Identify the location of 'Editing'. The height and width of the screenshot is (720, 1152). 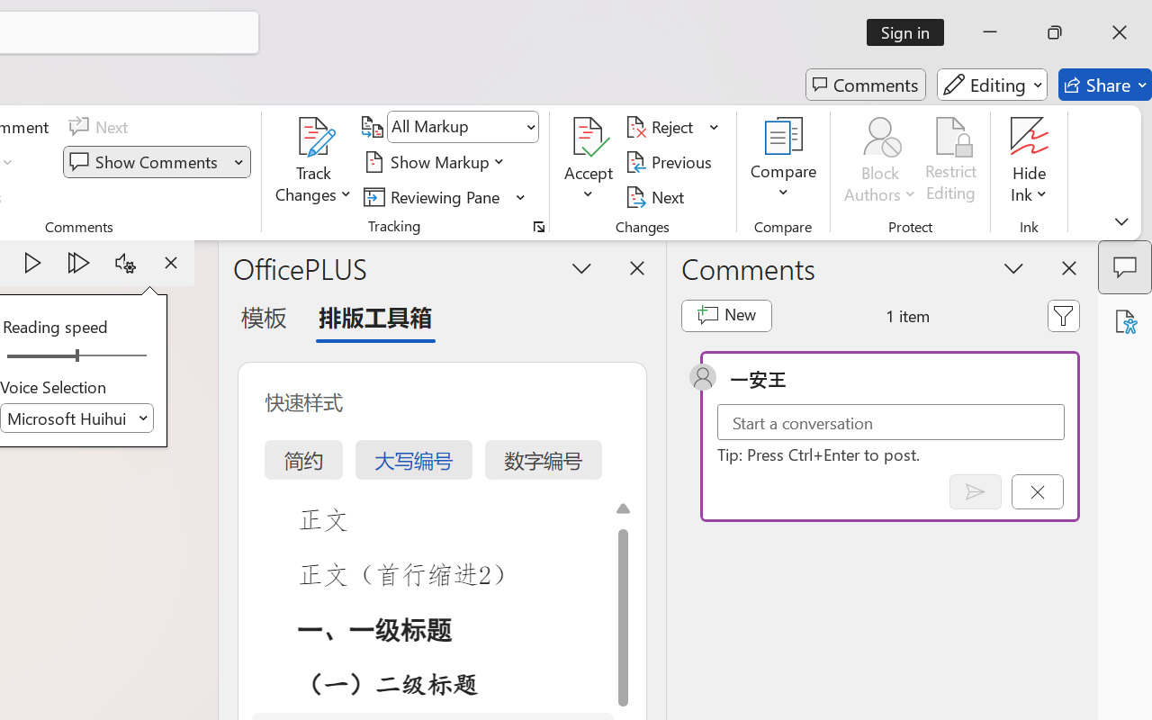
(991, 85).